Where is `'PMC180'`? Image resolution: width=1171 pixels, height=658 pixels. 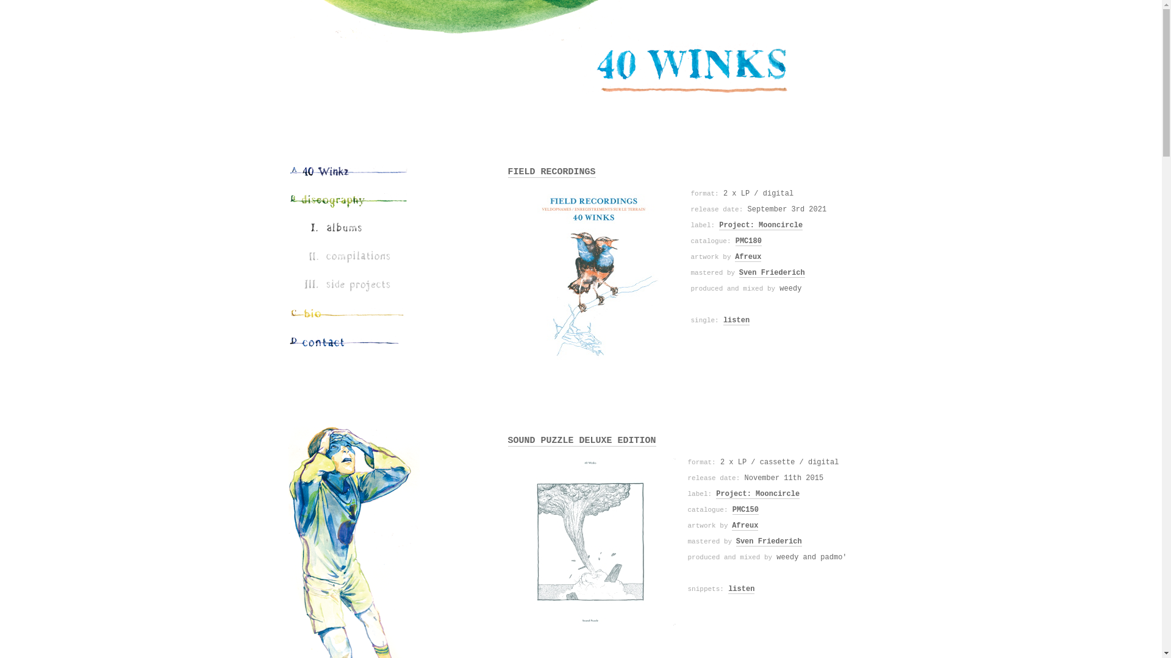
'PMC180' is located at coordinates (748, 241).